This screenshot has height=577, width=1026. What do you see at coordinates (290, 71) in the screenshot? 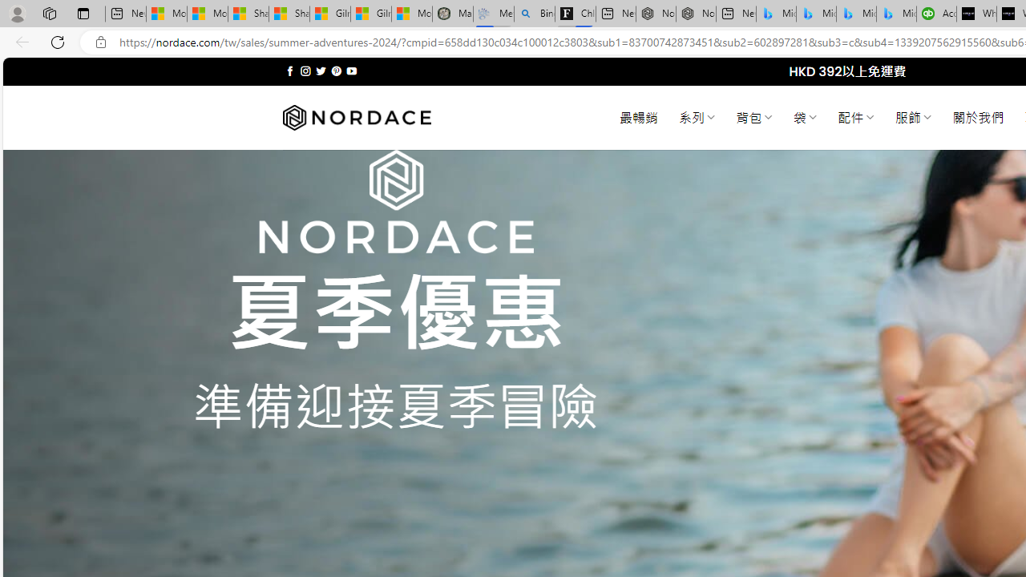
I see `'Follow on Facebook'` at bounding box center [290, 71].